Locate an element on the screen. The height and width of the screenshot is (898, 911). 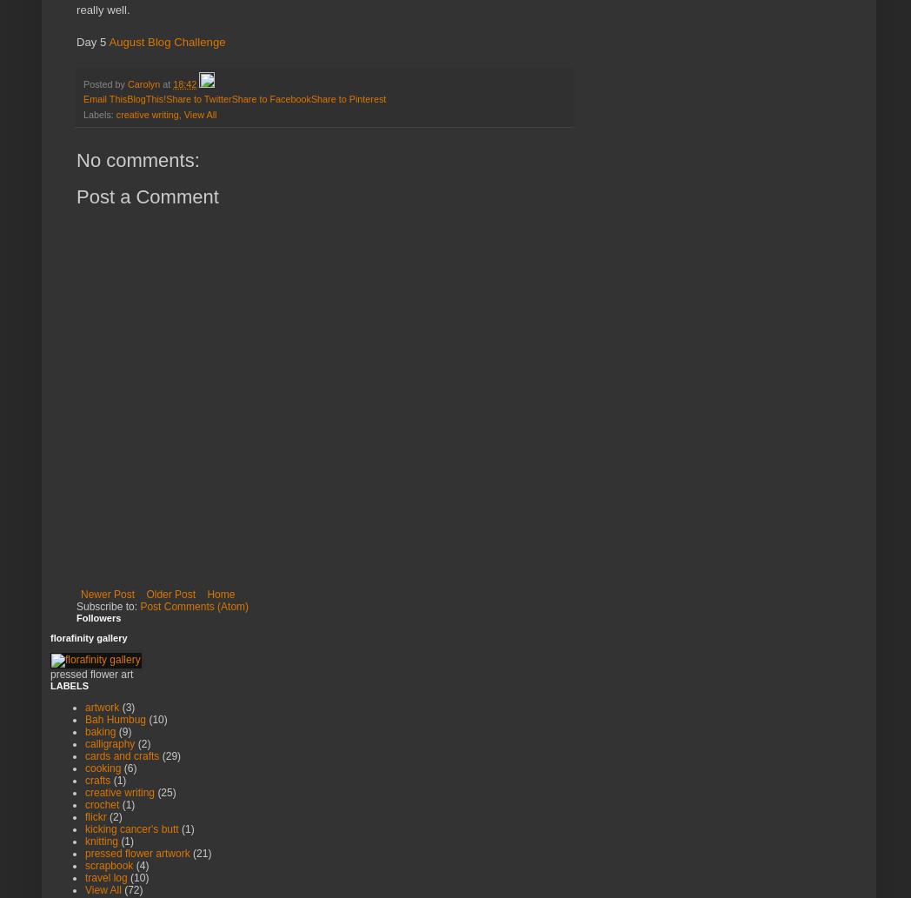
'Labels:' is located at coordinates (98, 113).